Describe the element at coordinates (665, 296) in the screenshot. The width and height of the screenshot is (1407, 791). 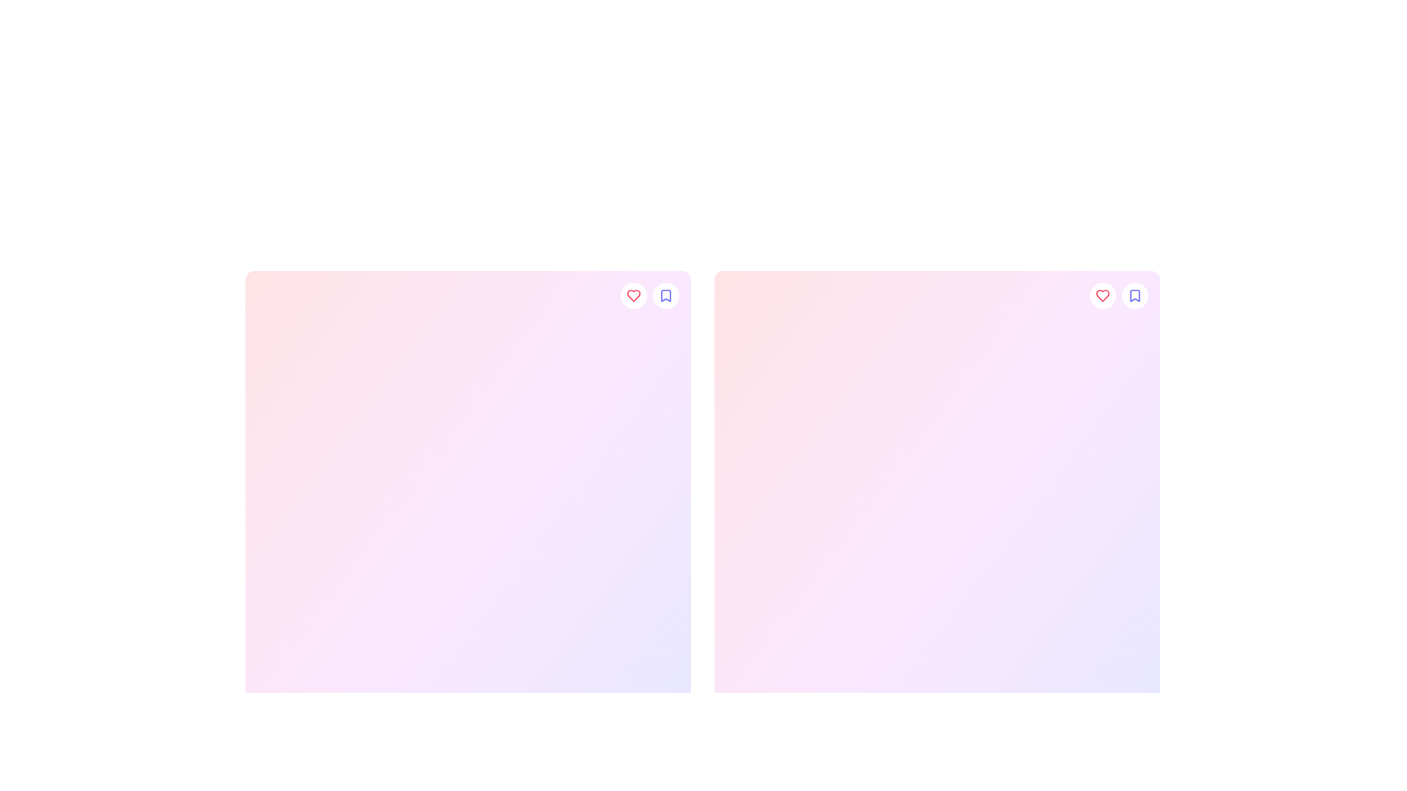
I see `the blue bookmark icon located at the top-right corner of the left card` at that location.